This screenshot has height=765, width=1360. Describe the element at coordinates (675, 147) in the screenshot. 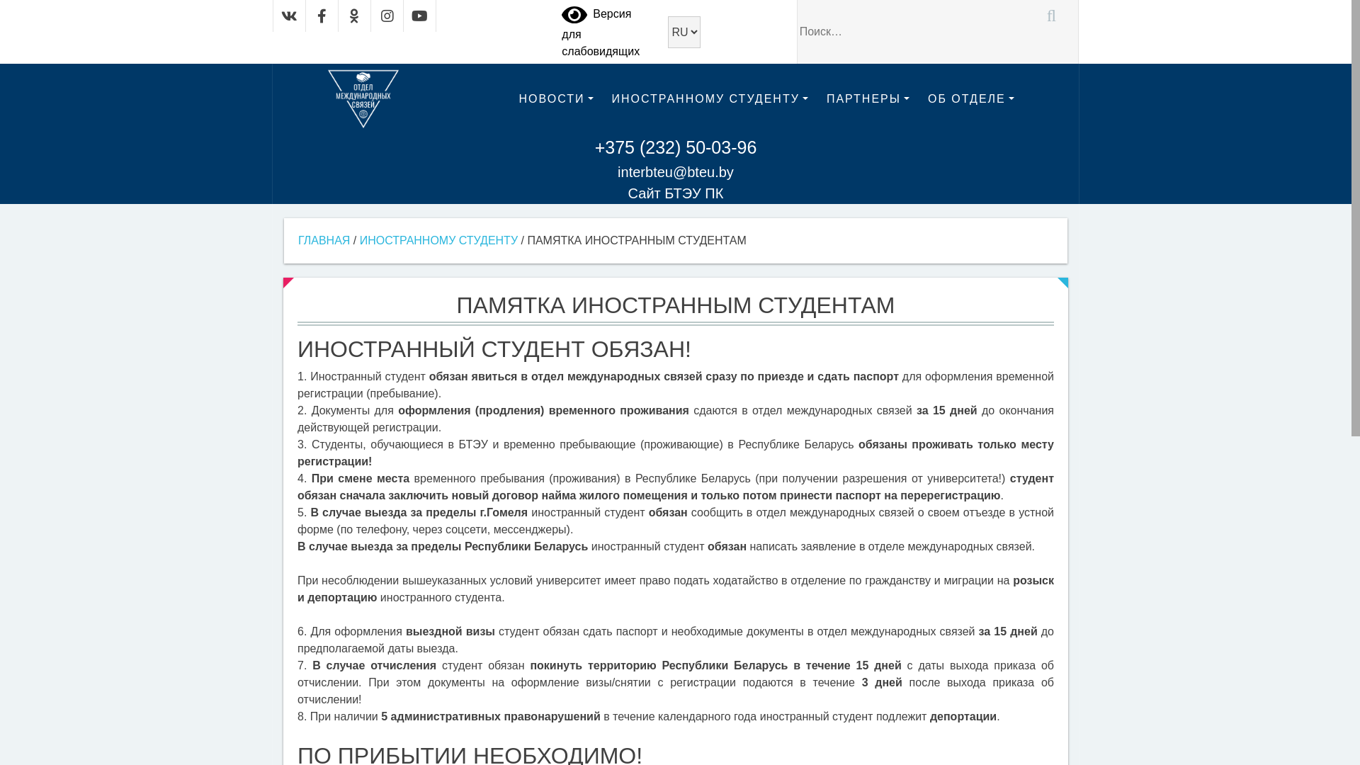

I see `'+375 (232) 50-03-96'` at that location.